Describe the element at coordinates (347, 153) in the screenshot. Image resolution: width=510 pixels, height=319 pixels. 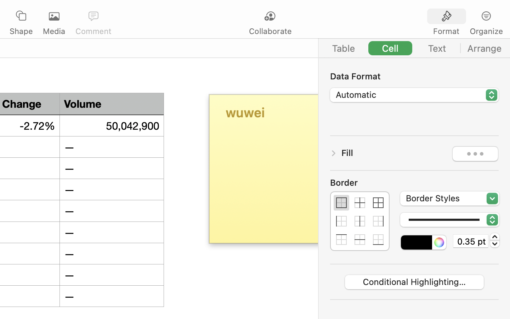
I see `'Fill'` at that location.